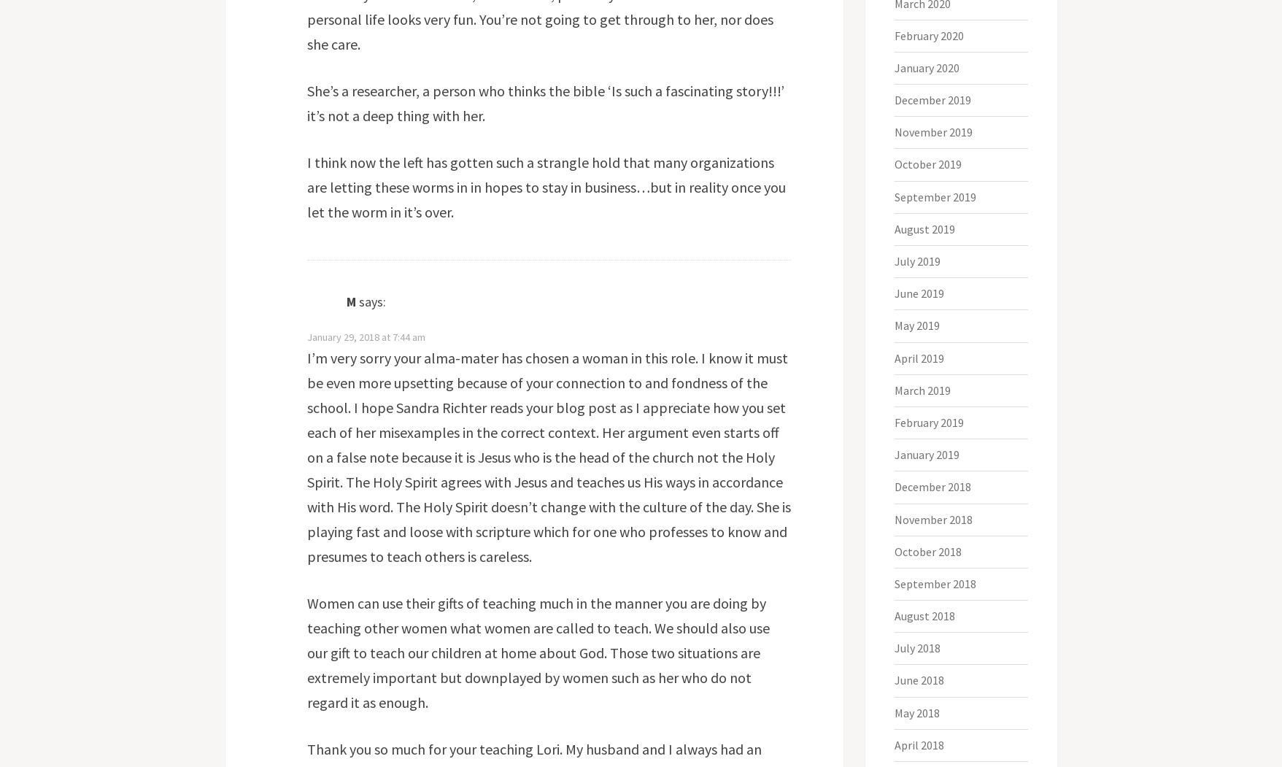  What do you see at coordinates (929, 422) in the screenshot?
I see `'February 2019'` at bounding box center [929, 422].